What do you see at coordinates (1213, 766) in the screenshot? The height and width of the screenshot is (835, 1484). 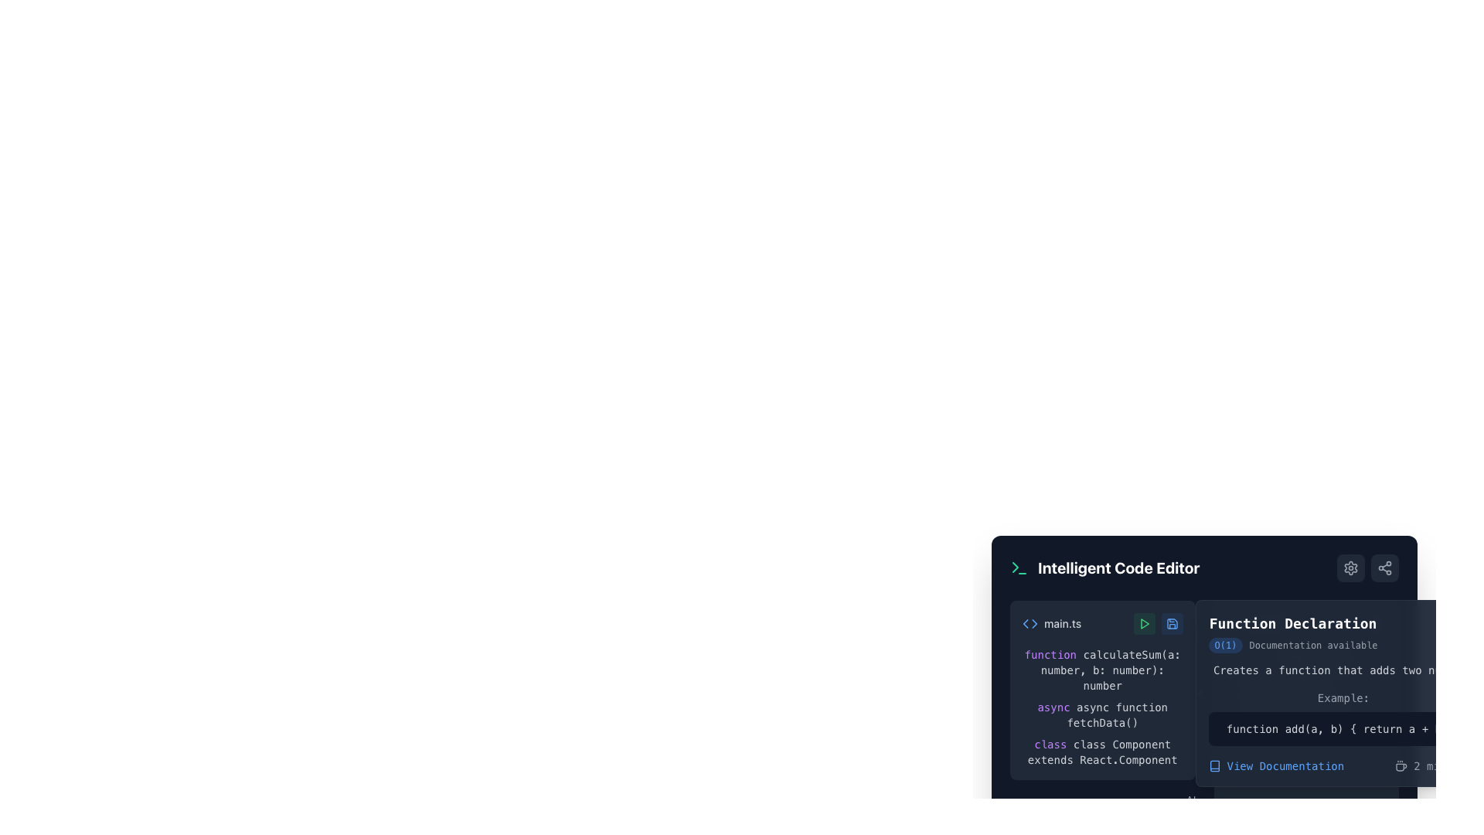 I see `the visual indicator icon associated with the 'View Documentation' action, located to the left of the text 'View Documentation'` at bounding box center [1213, 766].